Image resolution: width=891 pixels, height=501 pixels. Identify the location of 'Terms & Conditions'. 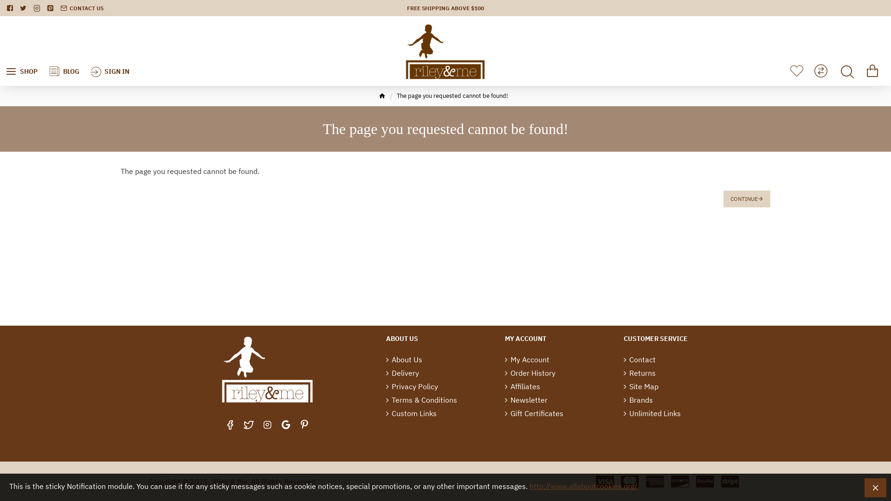
(421, 400).